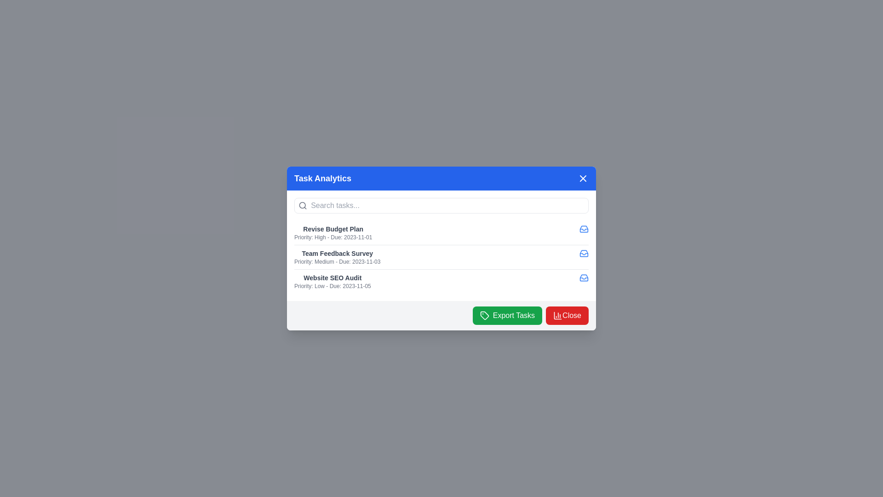  What do you see at coordinates (302, 205) in the screenshot?
I see `the circular graphical element of the search icon located at the top portion of the 'Task Analytics' panel, near the left side of the input field labeled 'Search tasks...'` at bounding box center [302, 205].